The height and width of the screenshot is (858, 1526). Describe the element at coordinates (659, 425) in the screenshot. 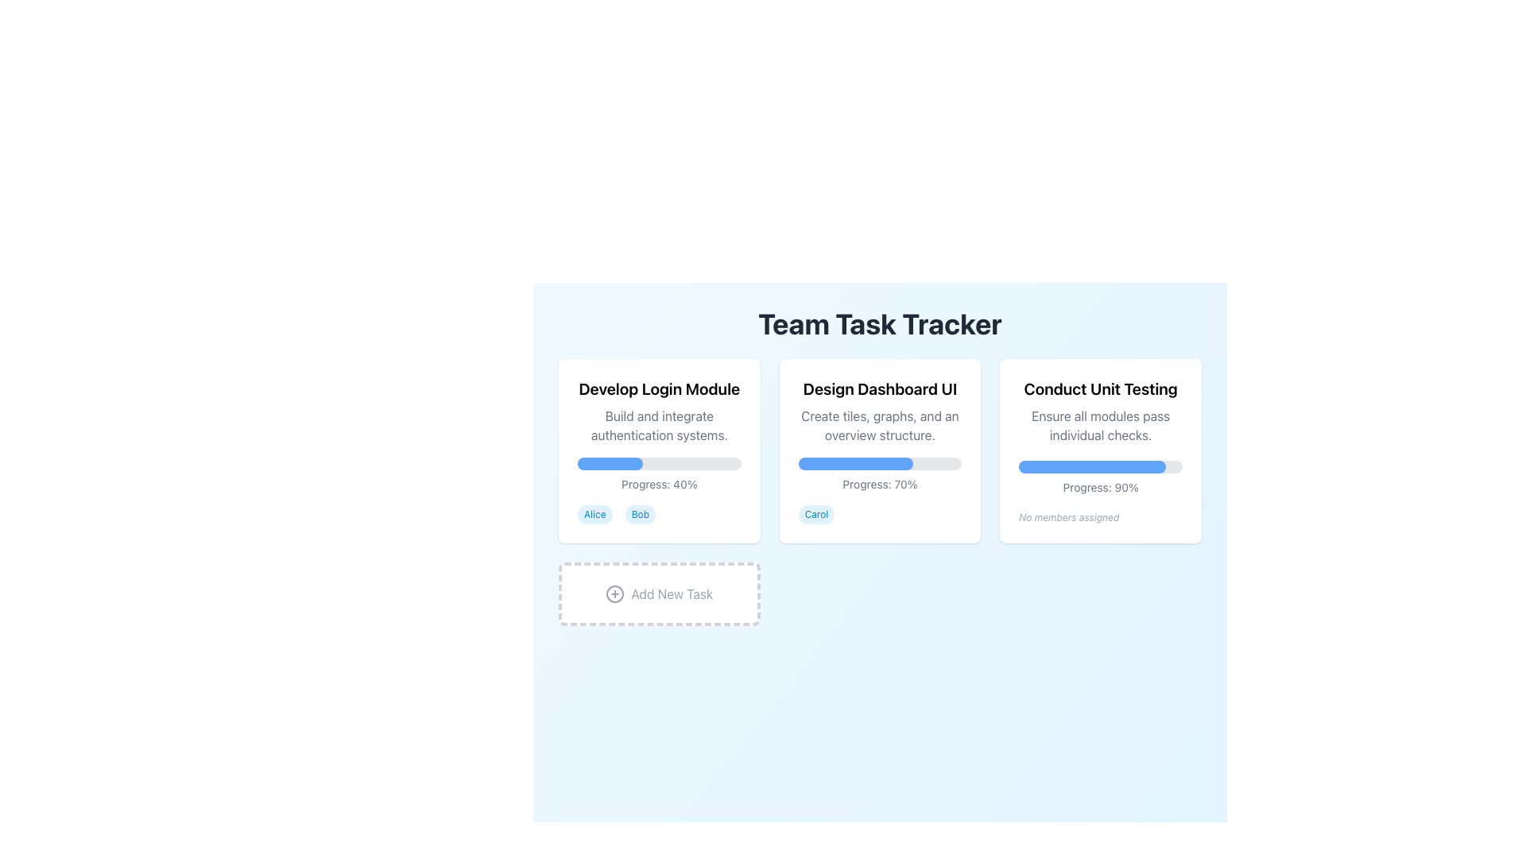

I see `the text label reading 'Build and integrate authentication systems.' located below the title 'Develop Login Module' in the first task card` at that location.